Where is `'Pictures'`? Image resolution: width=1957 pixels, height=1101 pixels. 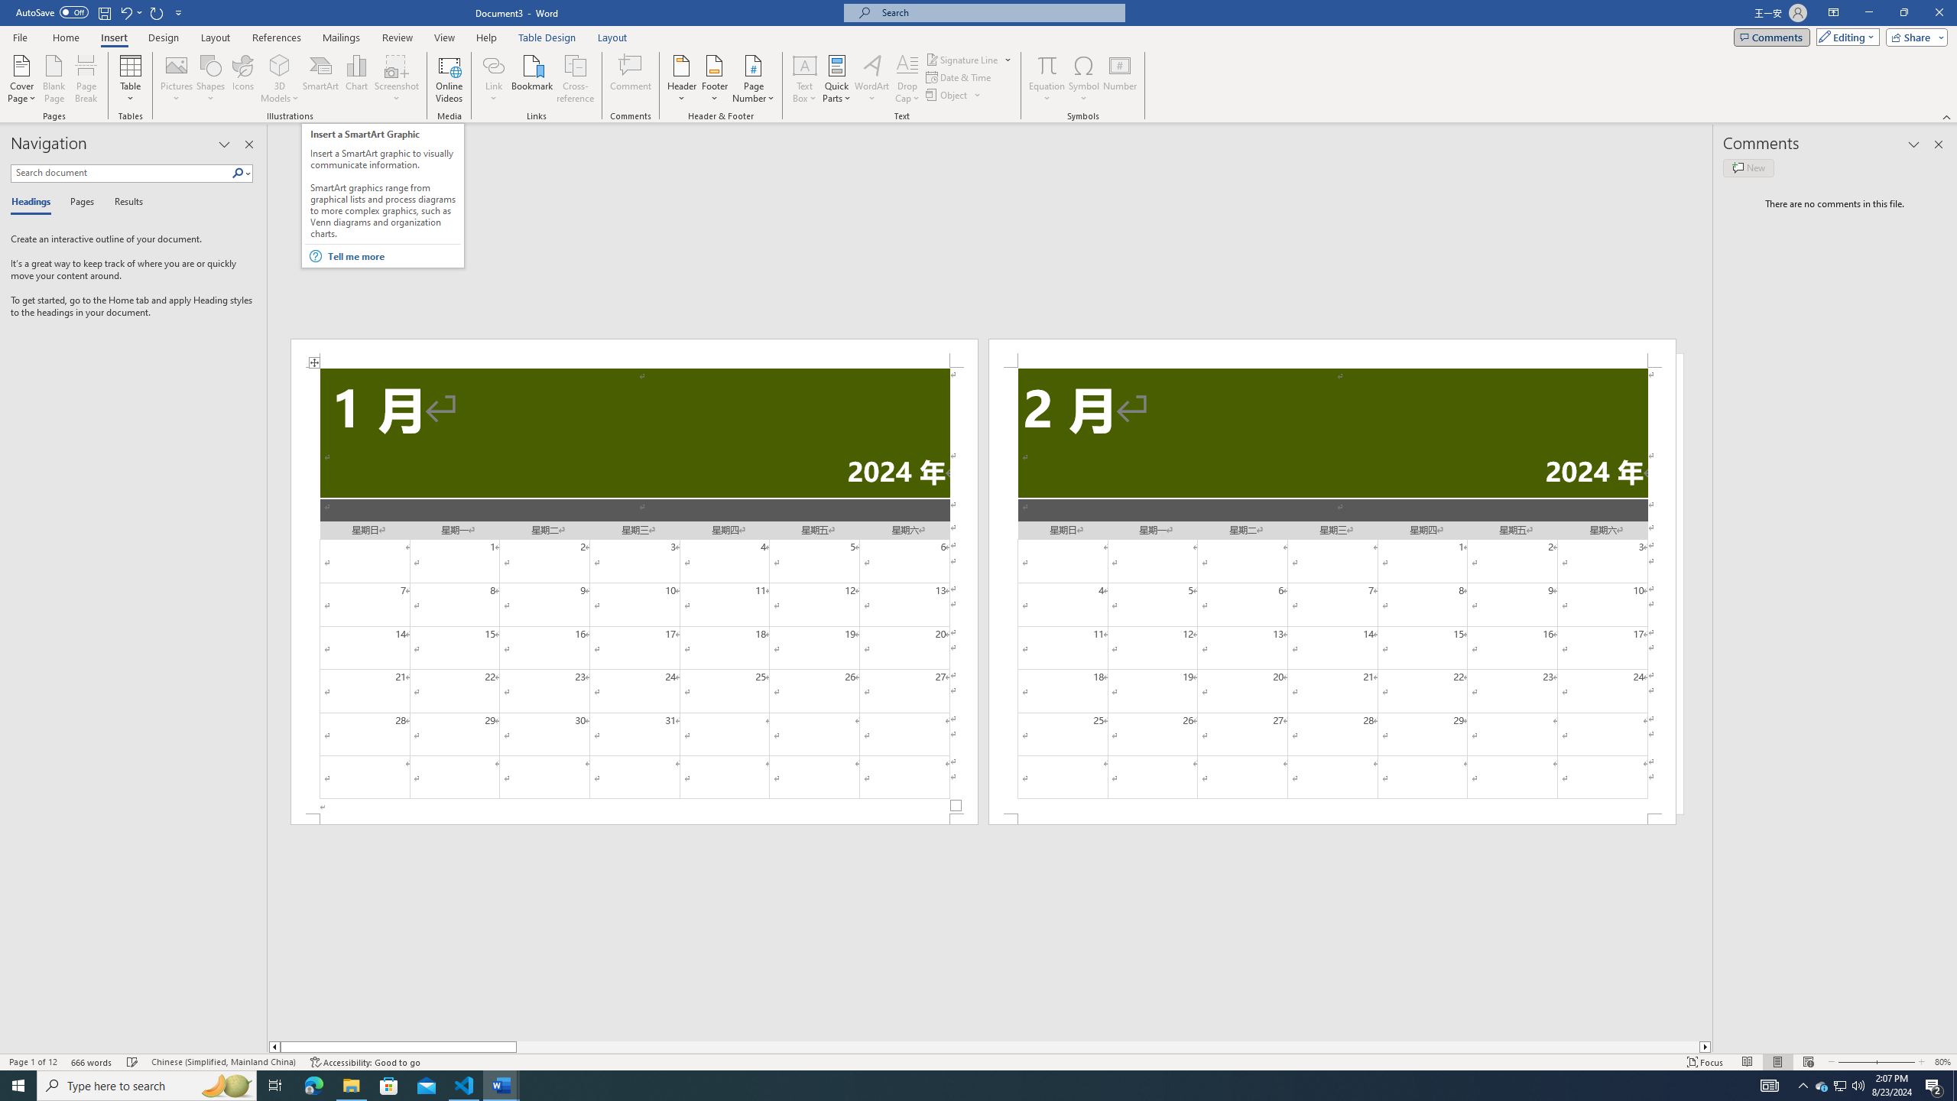
'Pictures' is located at coordinates (177, 79).